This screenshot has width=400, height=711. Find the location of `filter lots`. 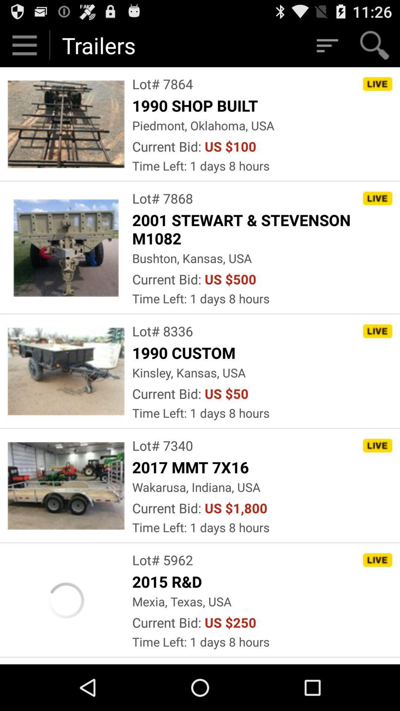

filter lots is located at coordinates (326, 45).